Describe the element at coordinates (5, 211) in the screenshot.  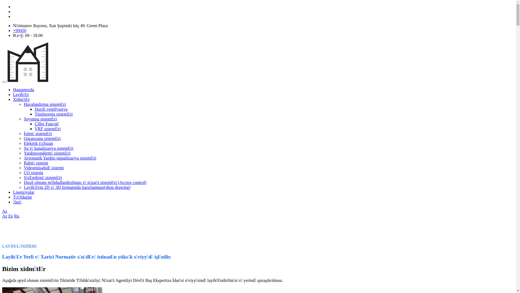
I see `'Az'` at that location.